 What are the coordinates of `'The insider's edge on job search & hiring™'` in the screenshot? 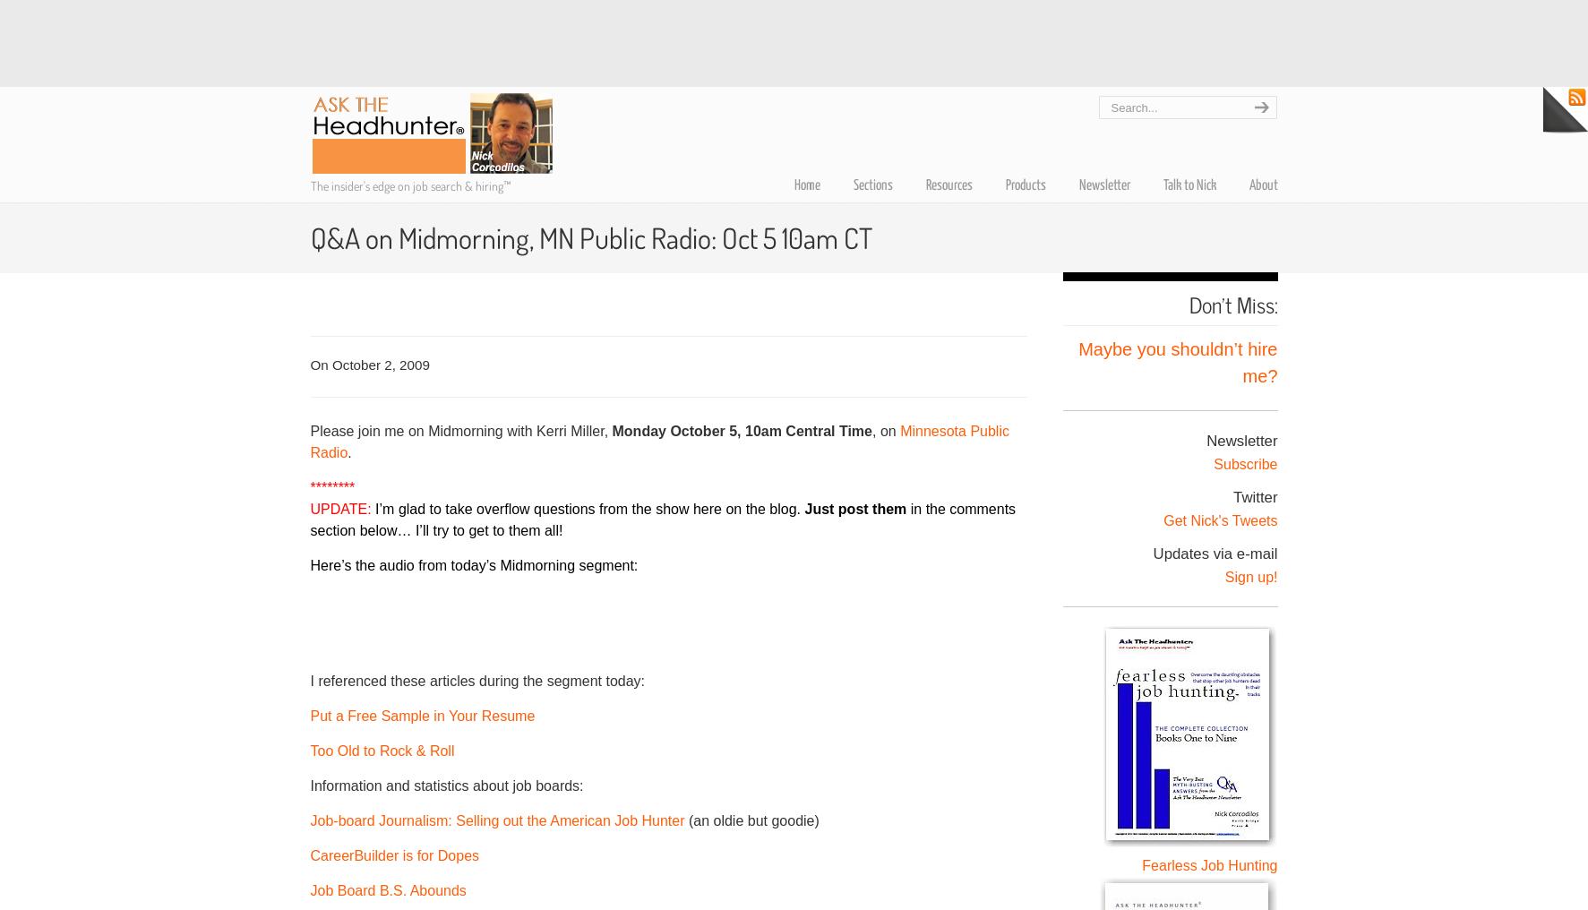 It's located at (408, 185).